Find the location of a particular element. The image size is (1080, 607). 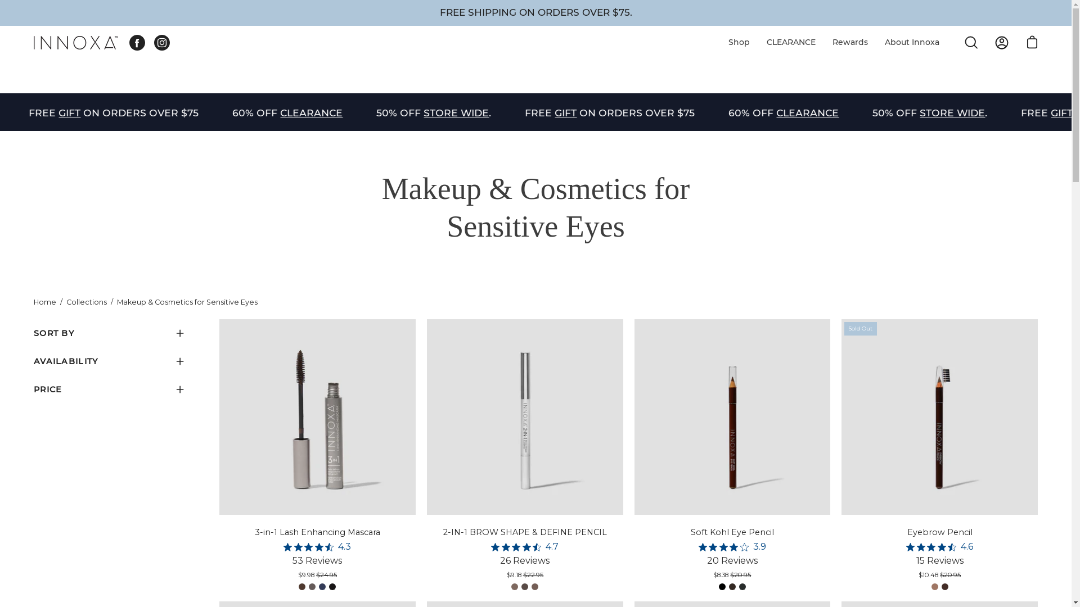

'$10.48 $20.95' is located at coordinates (939, 575).